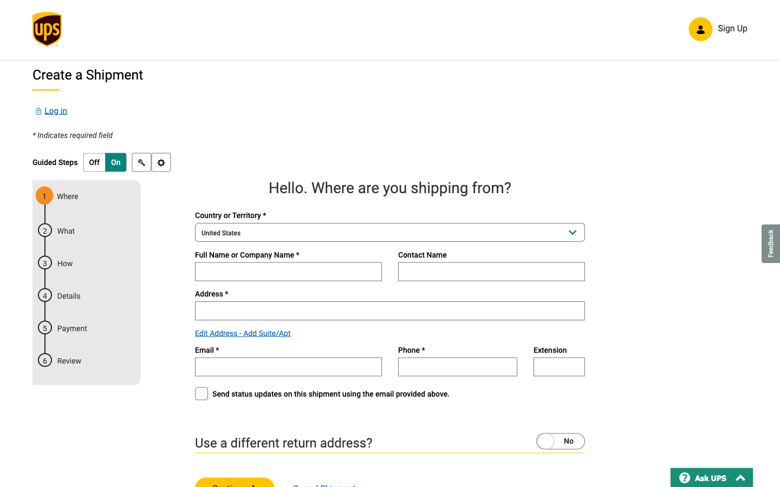 The height and width of the screenshot is (487, 780). What do you see at coordinates (712, 477) in the screenshot?
I see `Use "Ask UPS" to navigate to the "frequently_asked_questions" section` at bounding box center [712, 477].